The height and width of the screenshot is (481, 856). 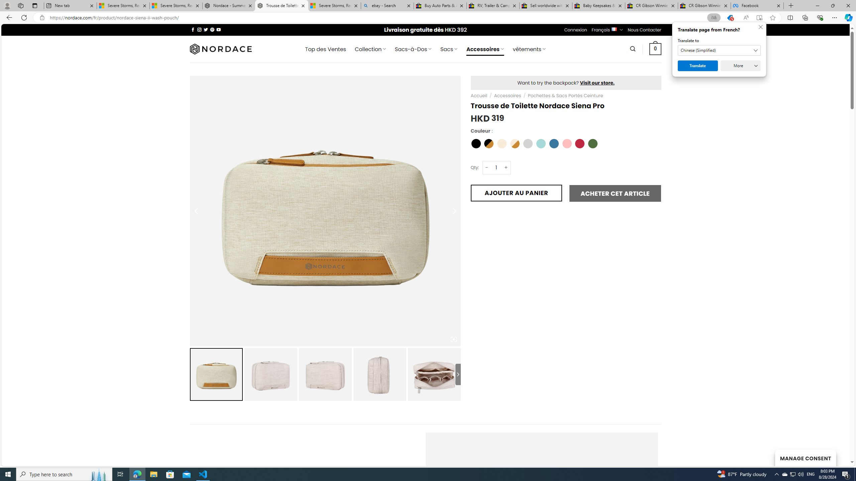 What do you see at coordinates (206, 29) in the screenshot?
I see `'Nous suivre sur Twitter'` at bounding box center [206, 29].